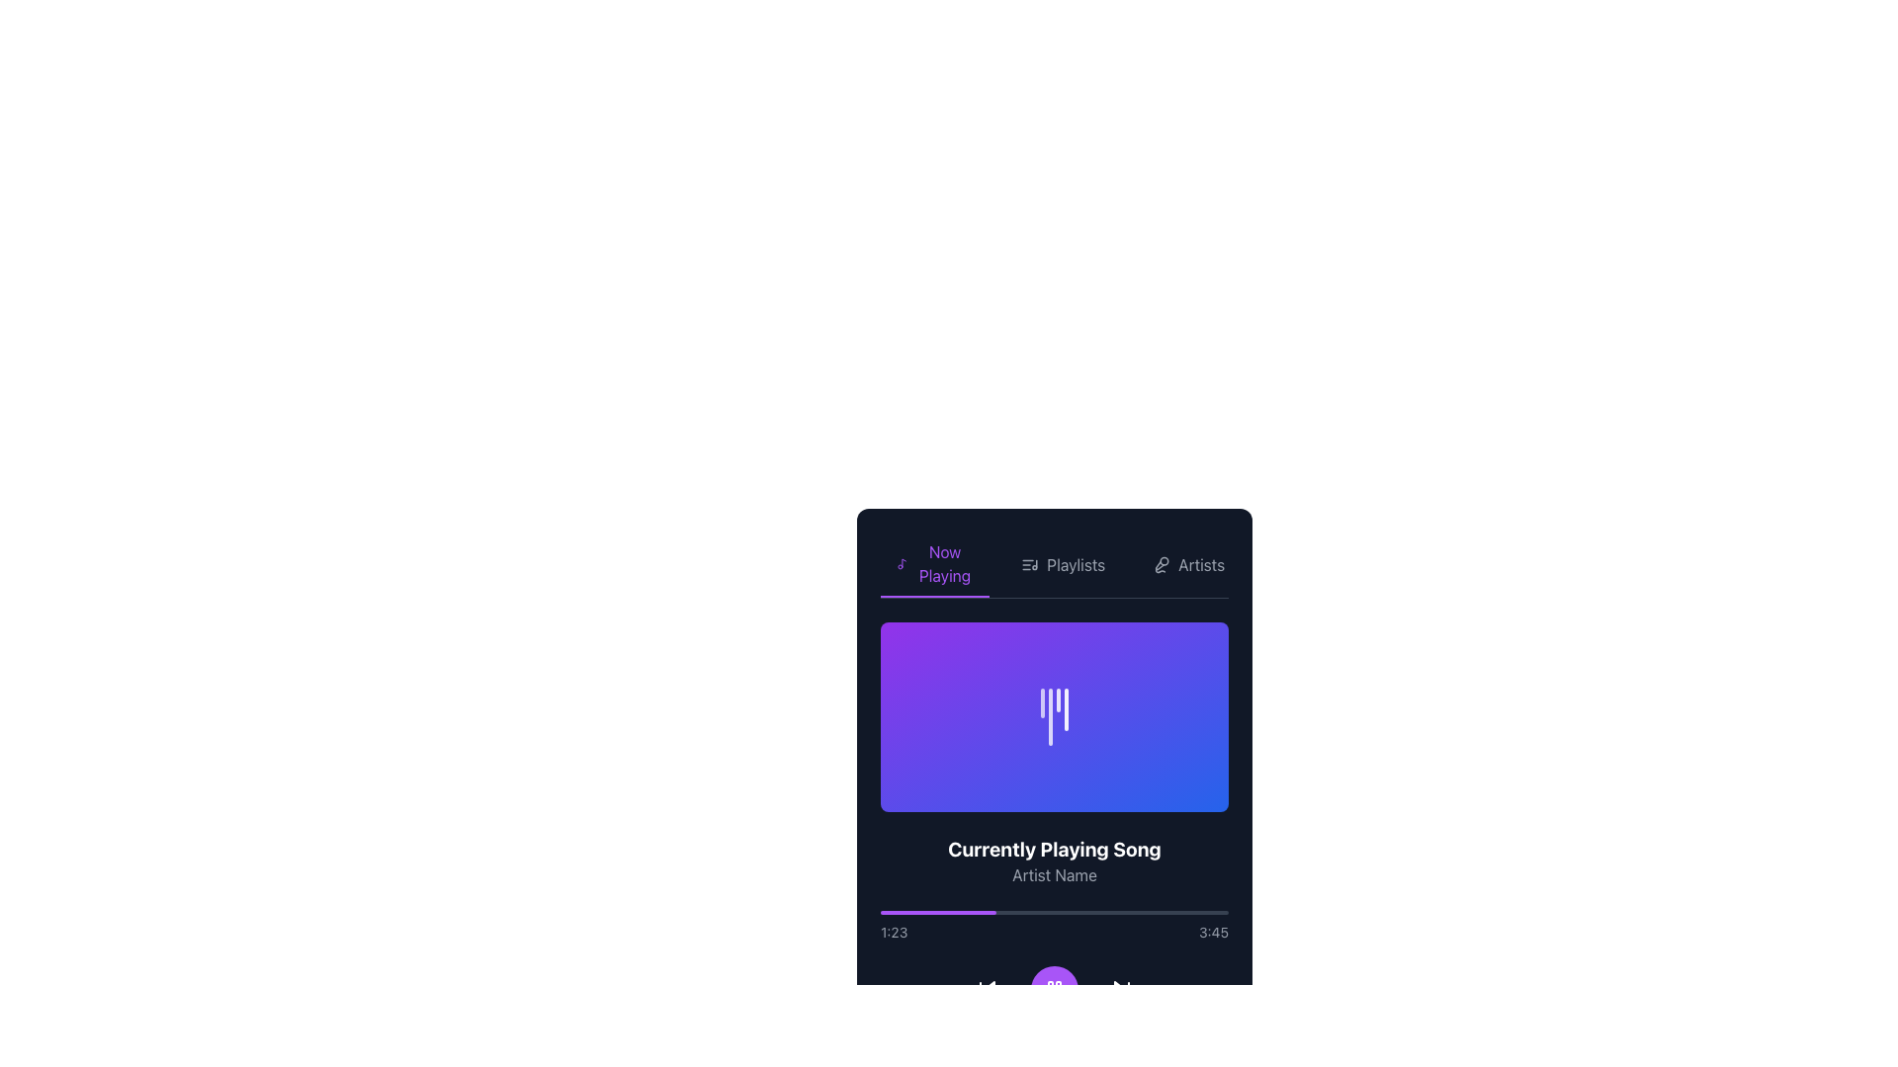  I want to click on the Text Display element that shows the title of the song and the artist's name, which is located centrally below a gradient background and above a progress bar, so click(1053, 860).